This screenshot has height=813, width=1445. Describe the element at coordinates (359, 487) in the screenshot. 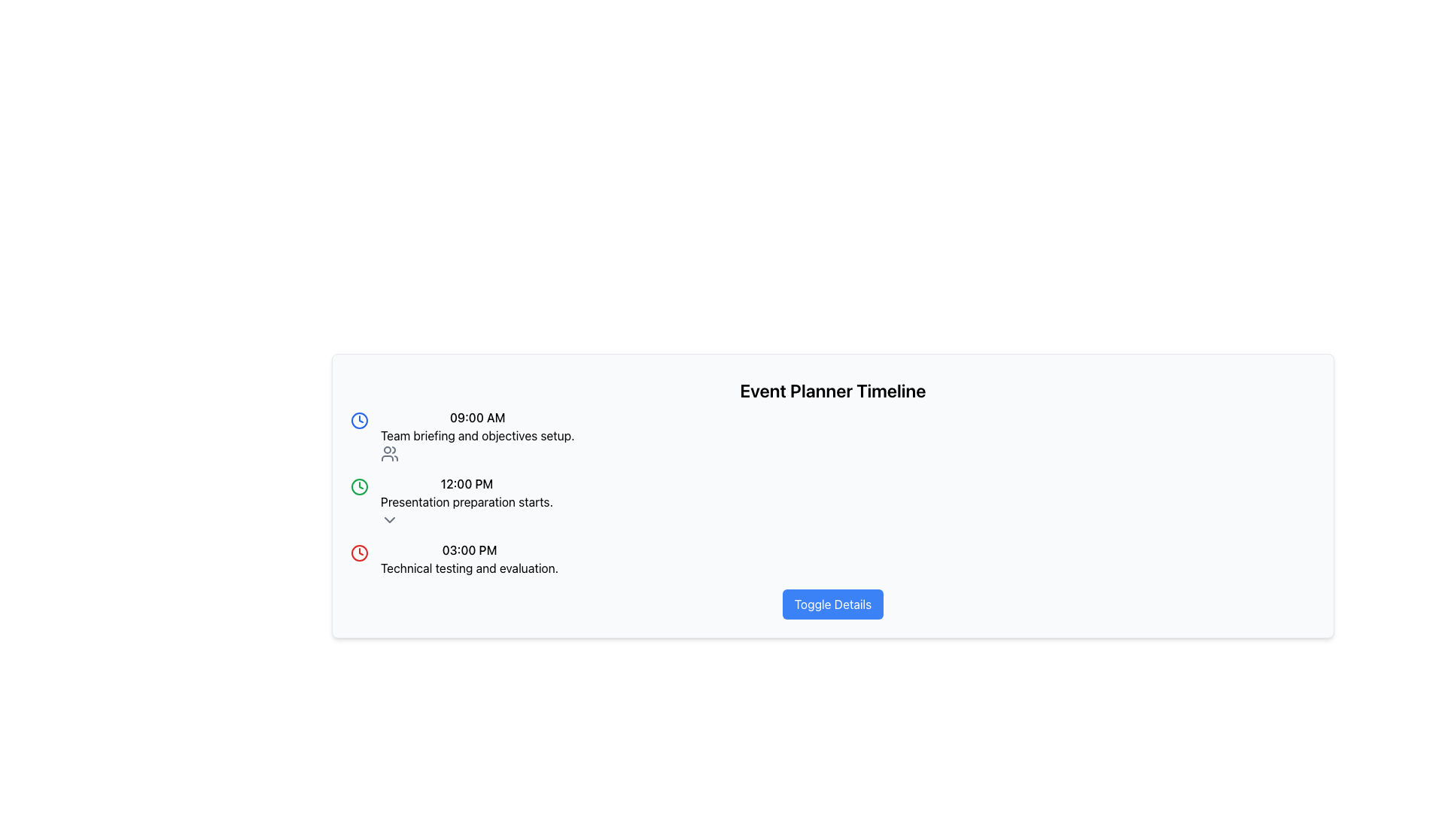

I see `the circular clock icon with a green outline and white center located to the left of the '03:00 PM Technical testing and evaluation' text` at that location.